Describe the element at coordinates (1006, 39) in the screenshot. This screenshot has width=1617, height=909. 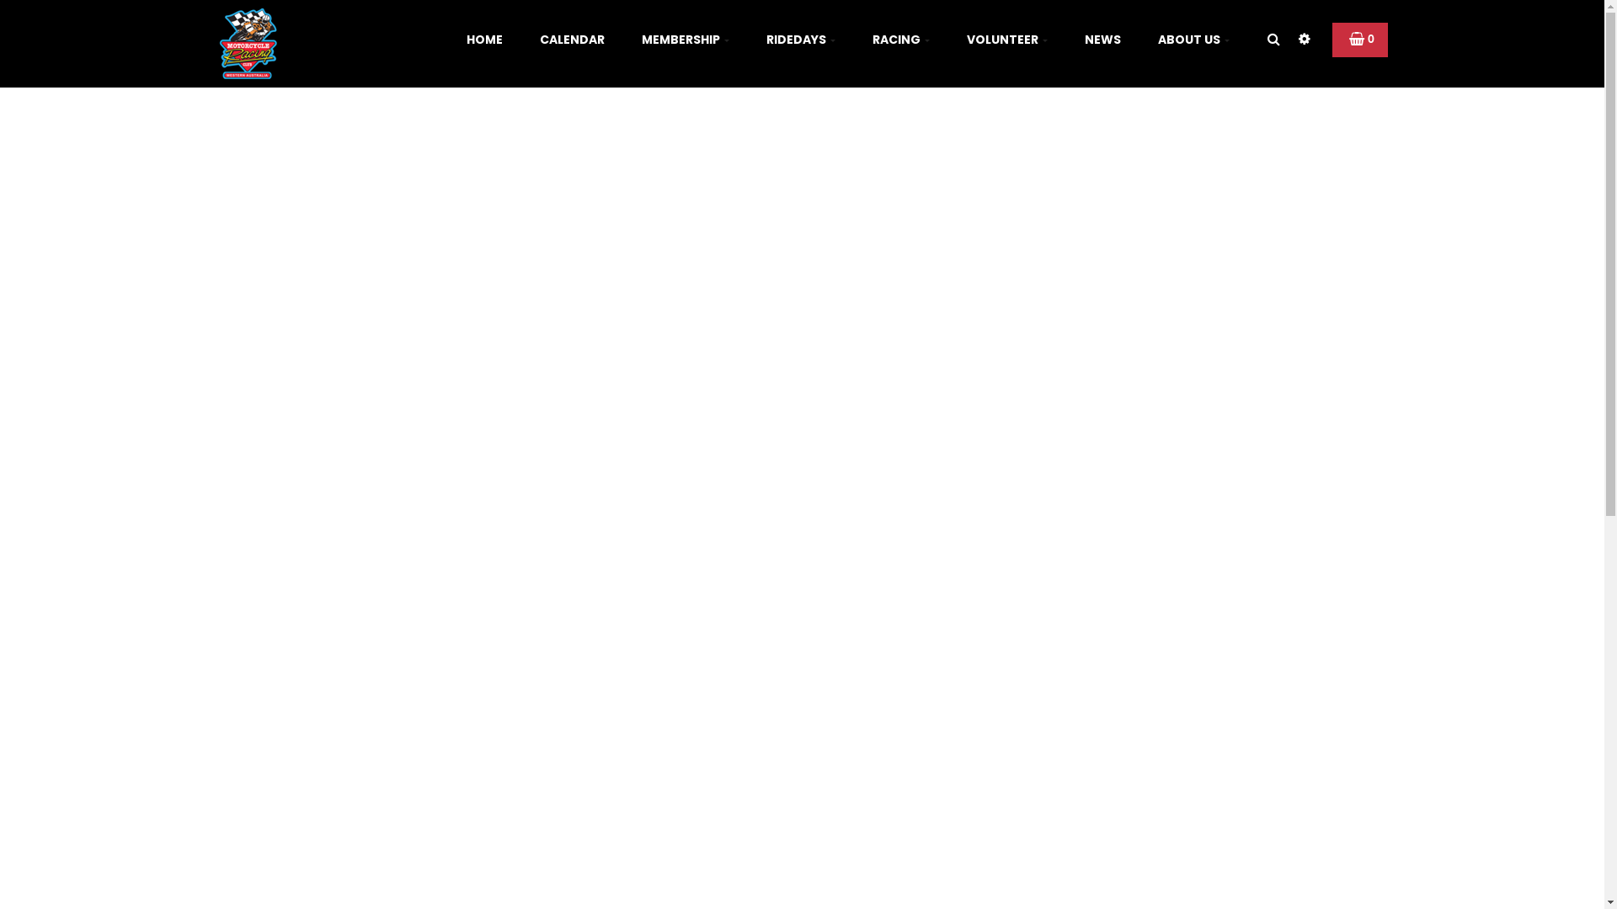
I see `'VOLUNTEER'` at that location.